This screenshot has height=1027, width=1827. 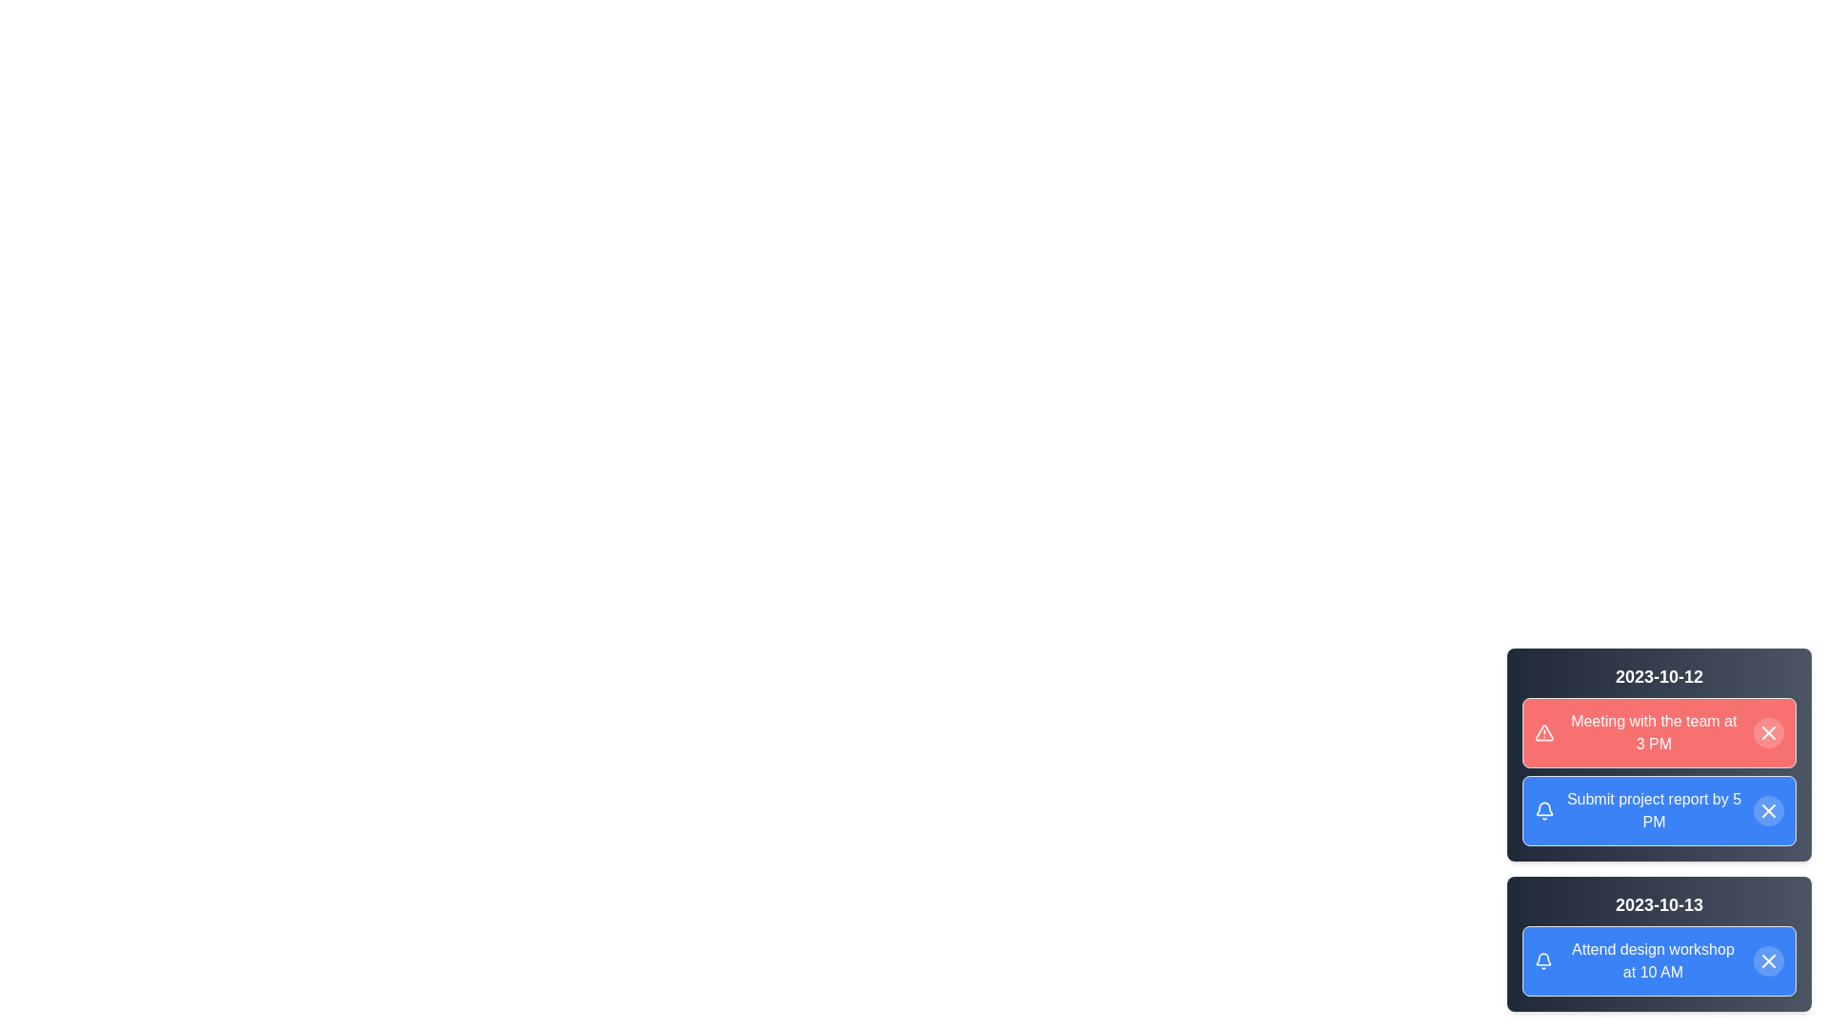 I want to click on the notification panel header to interact with it, so click(x=1658, y=676).